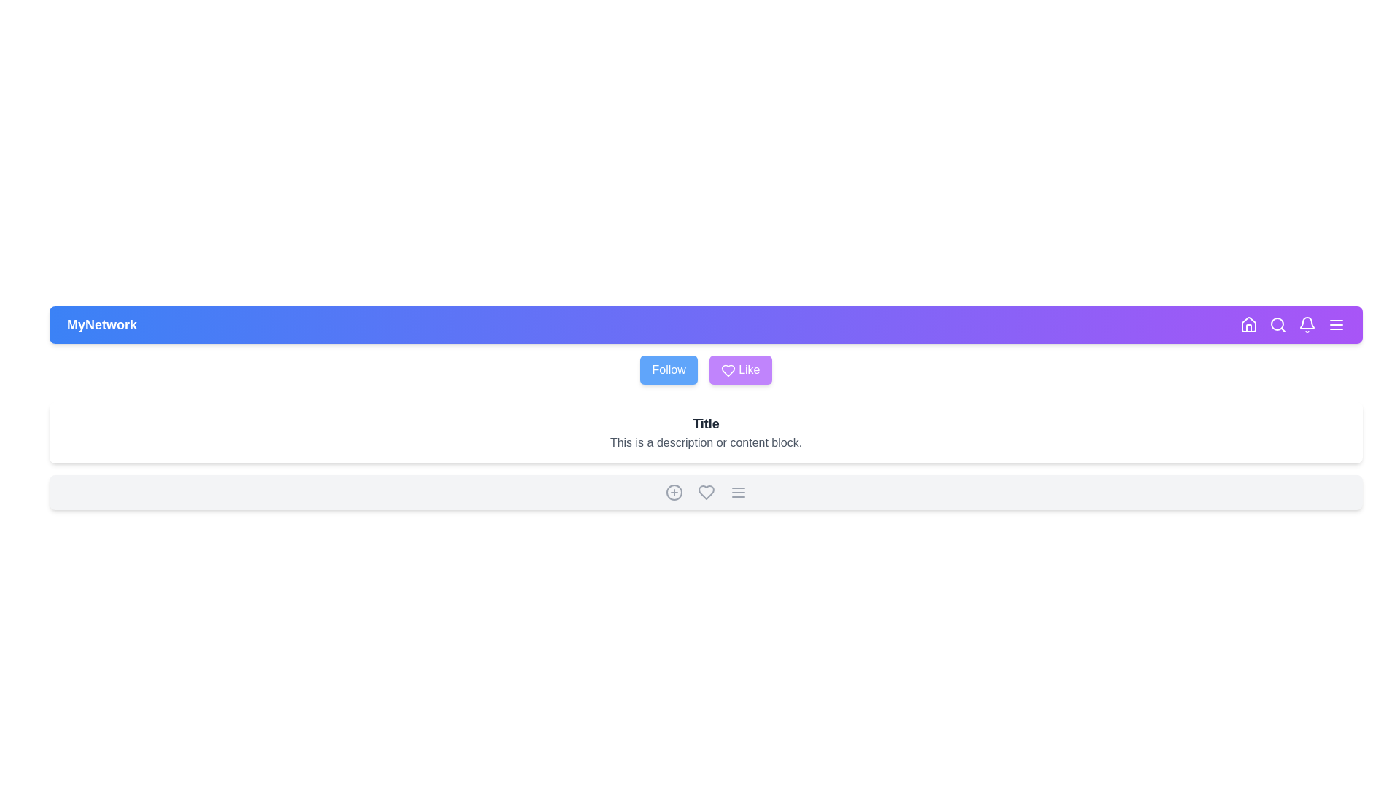 This screenshot has height=787, width=1400. What do you see at coordinates (740, 369) in the screenshot?
I see `the 'Like' button with a light purple background and white text` at bounding box center [740, 369].